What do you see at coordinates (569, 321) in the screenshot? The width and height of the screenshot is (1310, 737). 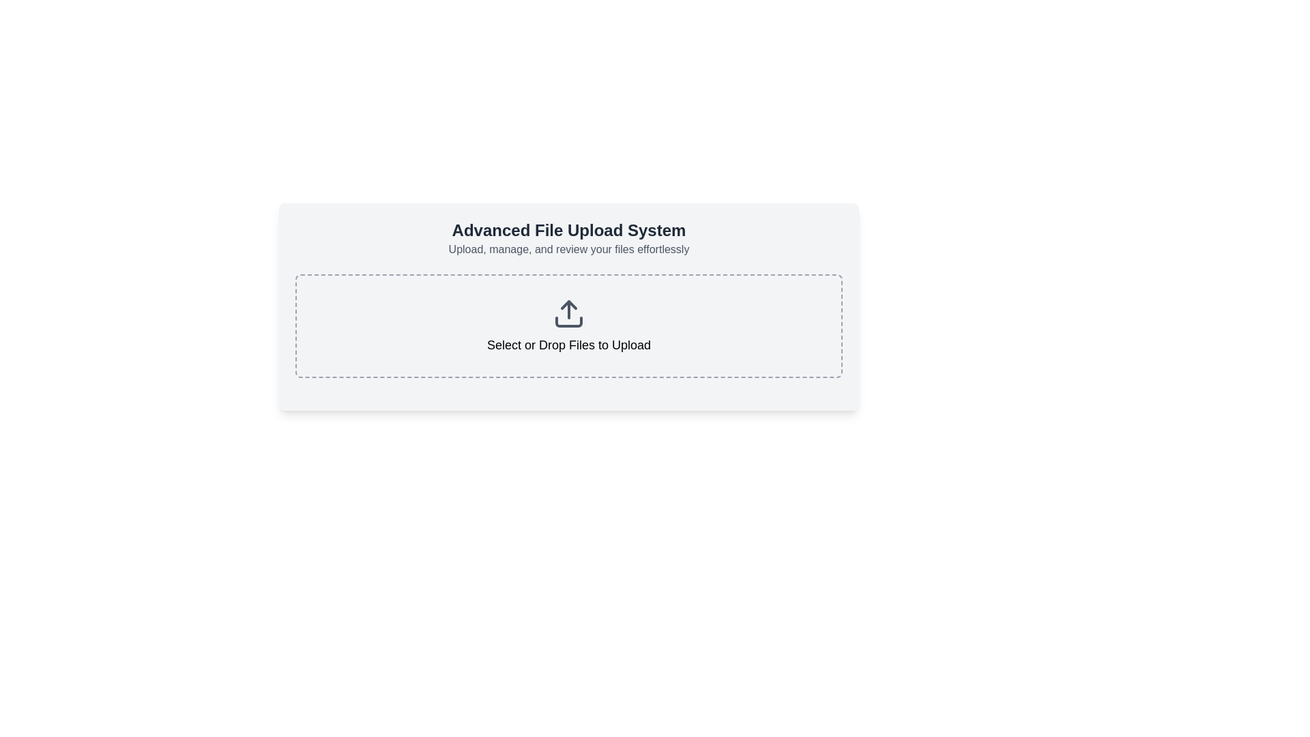 I see `the graphical decorative element that serves as the base tray of the upload icon, located centrally within the upload area` at bounding box center [569, 321].